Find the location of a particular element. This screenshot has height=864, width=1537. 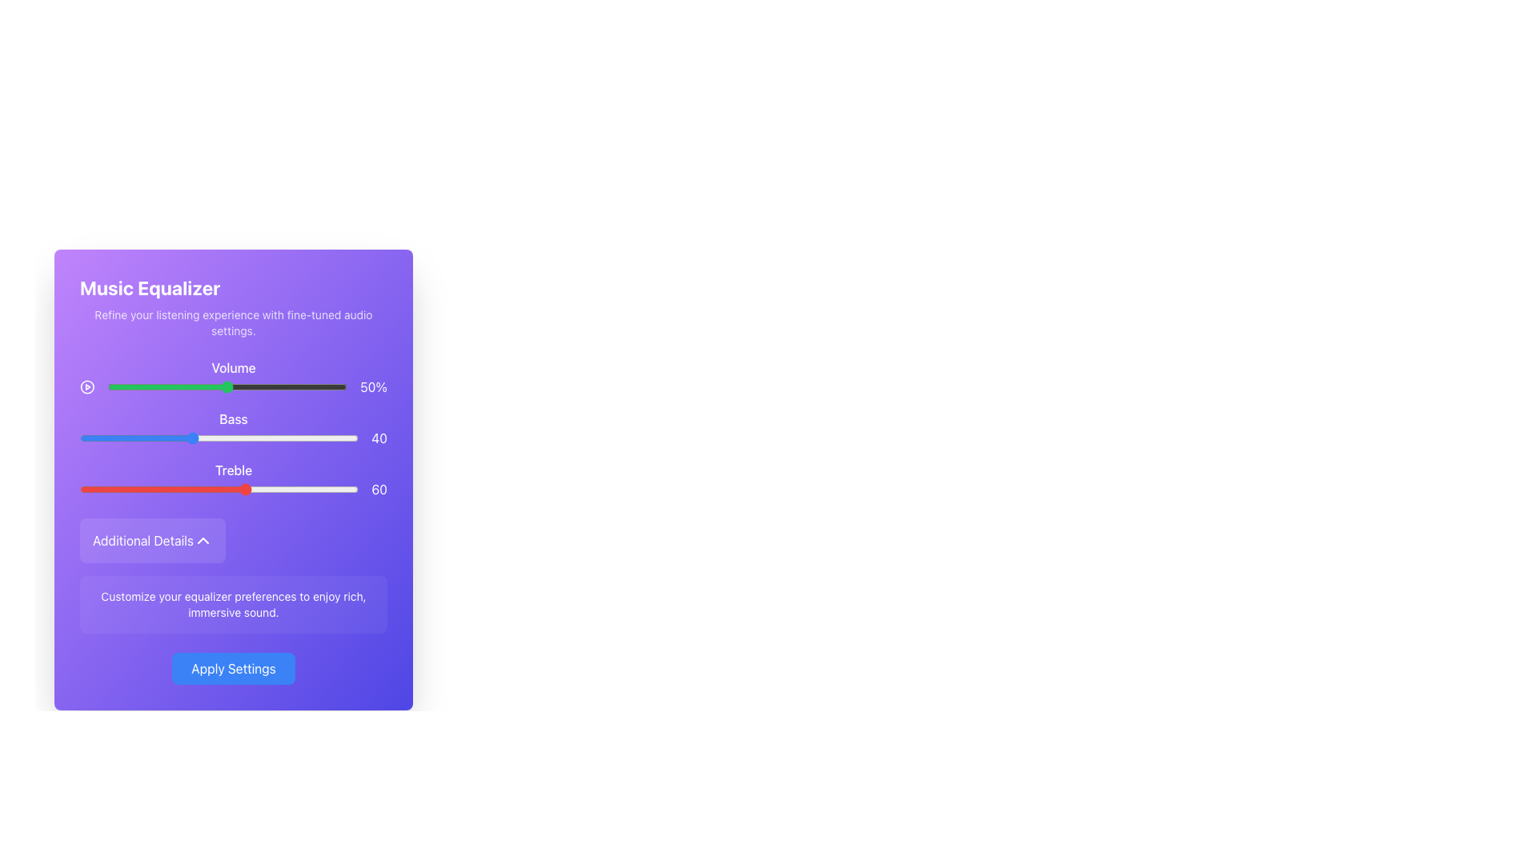

informative text block that contains the message 'Customize your equalizer preferences to enjoy rich, immersive sound.', which is displayed in white on a light purple background, centered above the 'Apply Settings' button is located at coordinates (233, 605).